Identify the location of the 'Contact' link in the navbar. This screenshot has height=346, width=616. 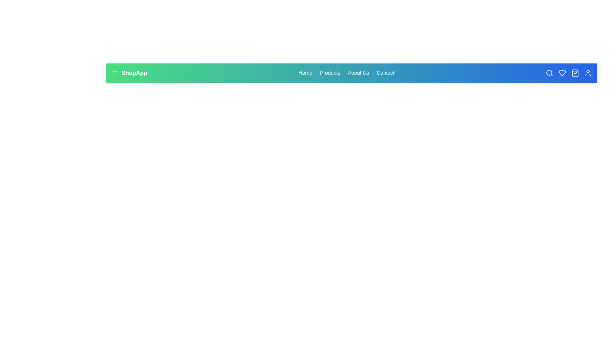
(385, 72).